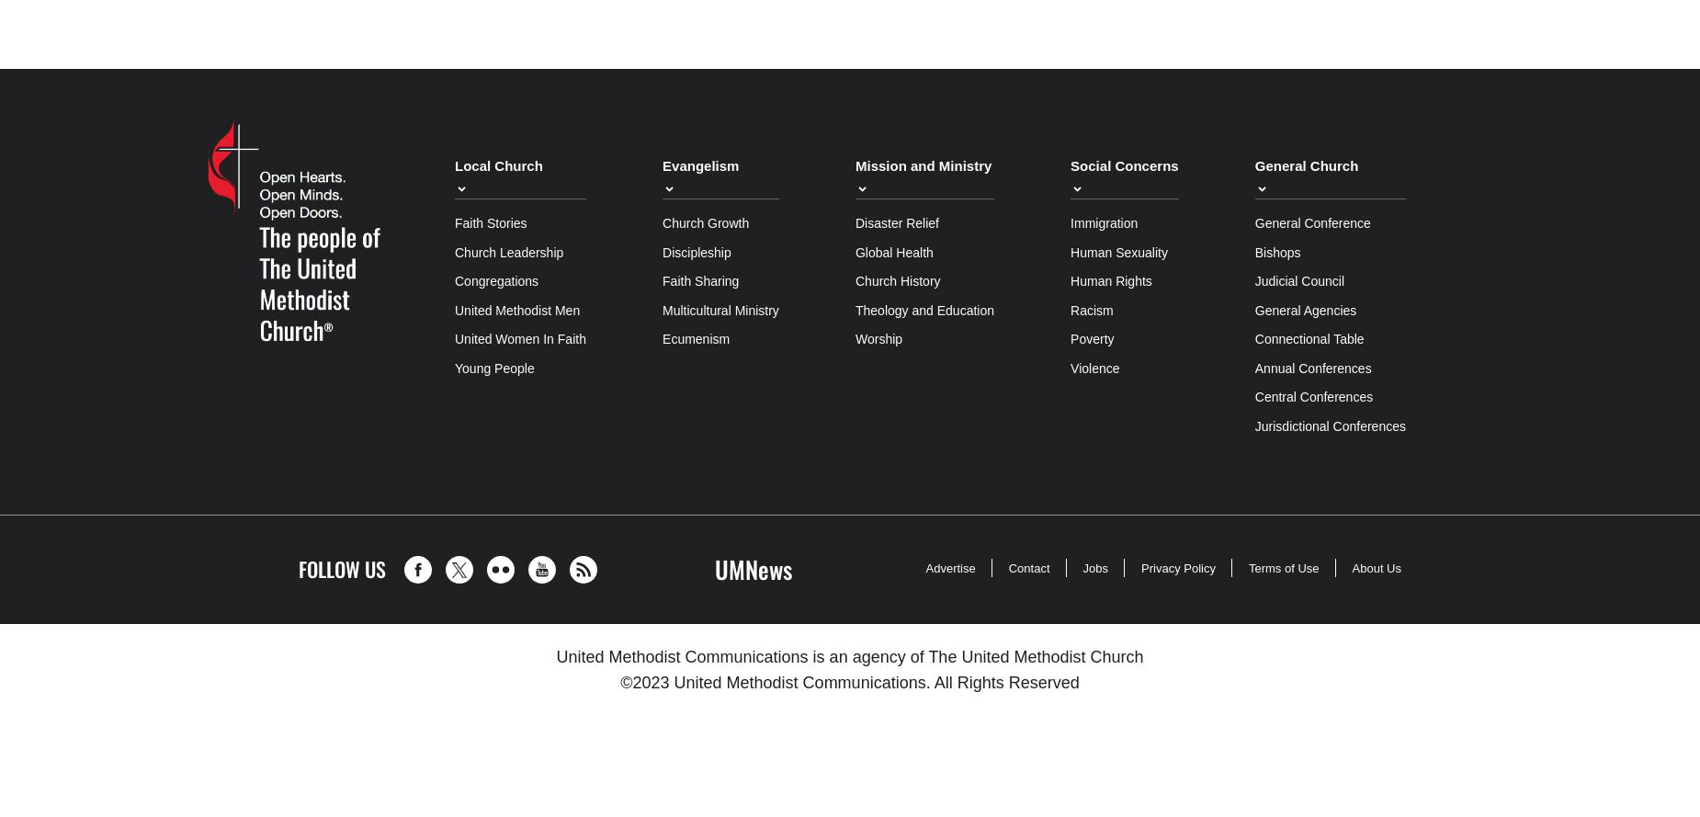  What do you see at coordinates (1091, 338) in the screenshot?
I see `'Poverty'` at bounding box center [1091, 338].